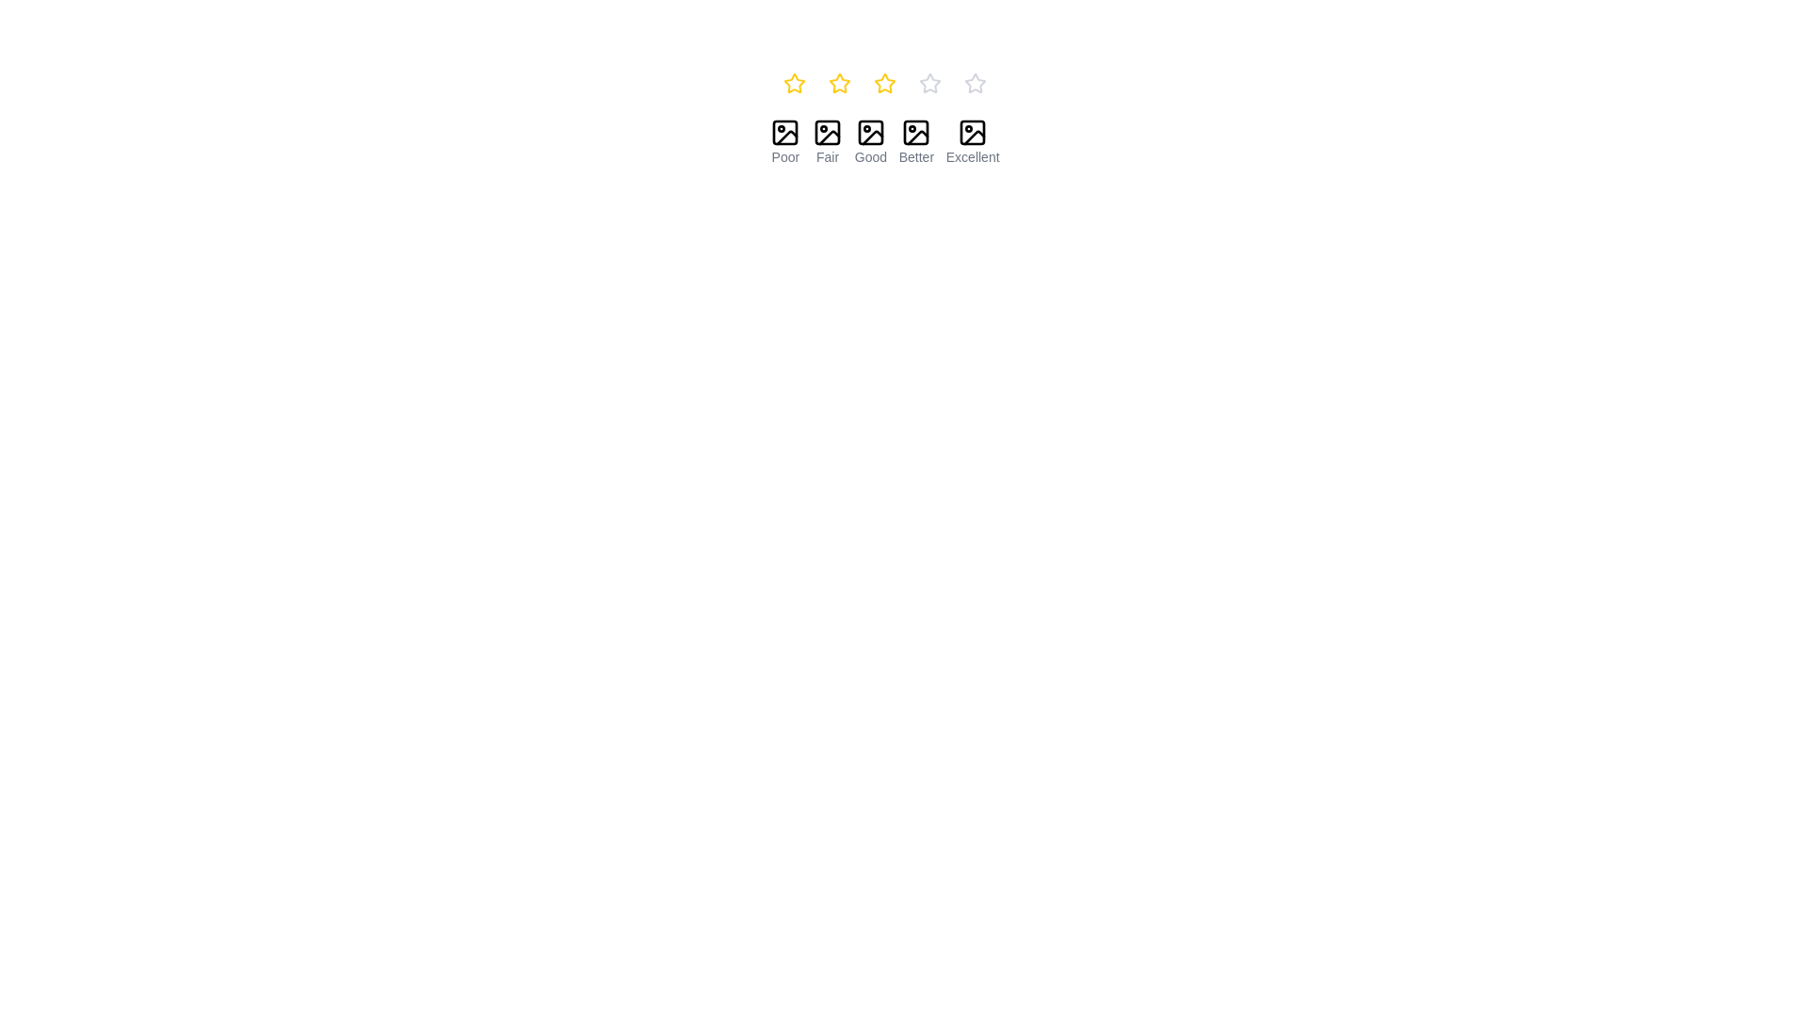 This screenshot has width=1808, height=1017. What do you see at coordinates (884, 82) in the screenshot?
I see `the third star icon in the horizontal set of five rating stars` at bounding box center [884, 82].